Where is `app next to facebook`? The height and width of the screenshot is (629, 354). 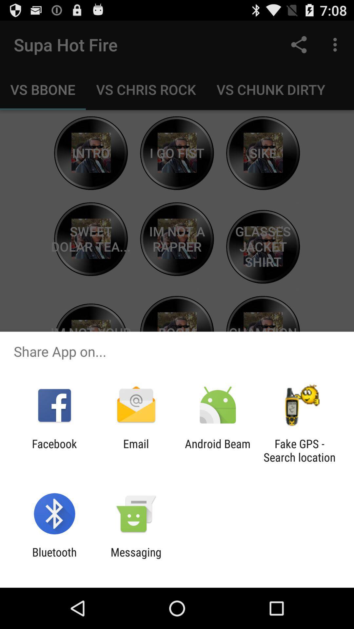
app next to facebook is located at coordinates (136, 450).